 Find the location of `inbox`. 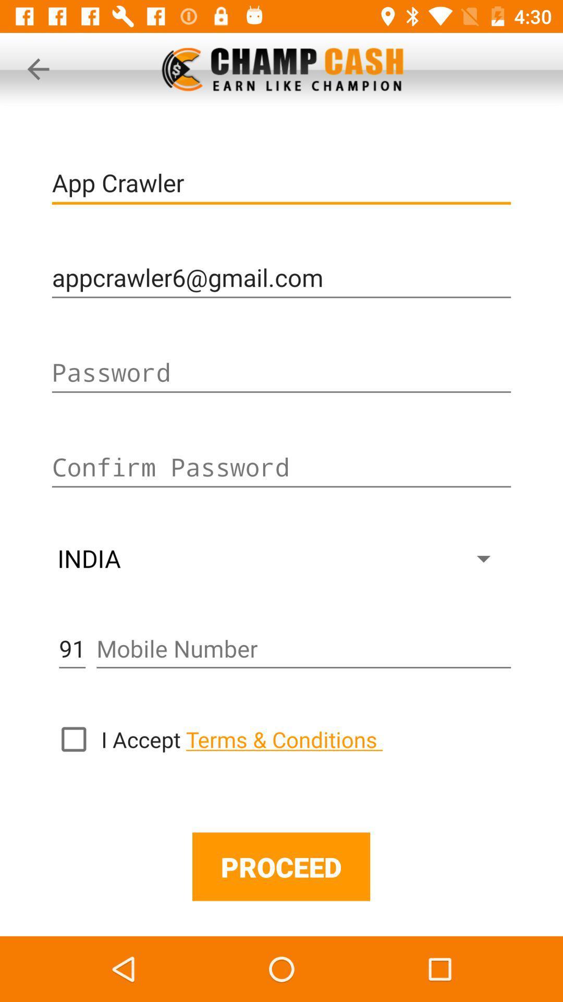

inbox is located at coordinates (73, 738).